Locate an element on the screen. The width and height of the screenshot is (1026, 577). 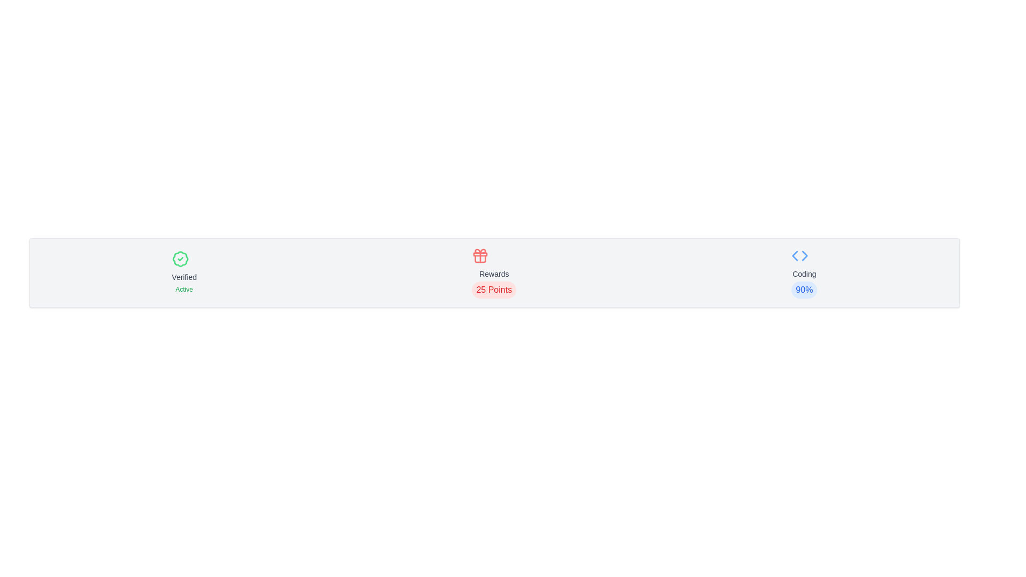
the text label 'Verified', which is styled in gray and positioned below a green badge icon and above the text 'Active' is located at coordinates (184, 277).